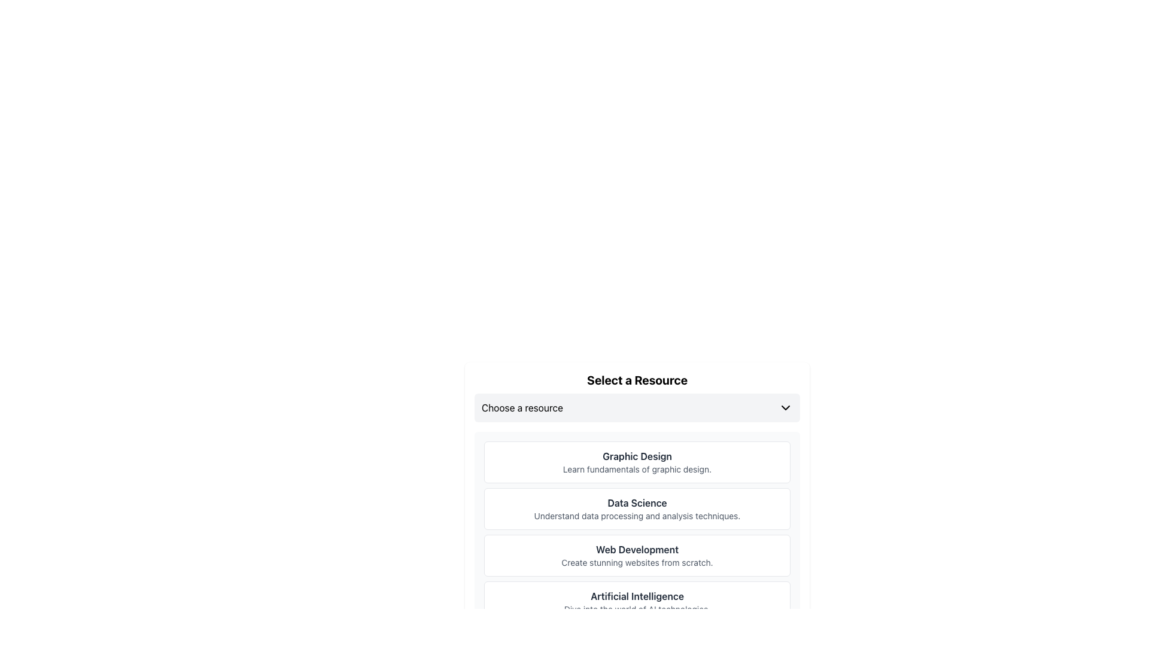 Image resolution: width=1149 pixels, height=646 pixels. I want to click on the 'Data Science' selectable card located in the 'Select a Resource' list, so click(637, 509).